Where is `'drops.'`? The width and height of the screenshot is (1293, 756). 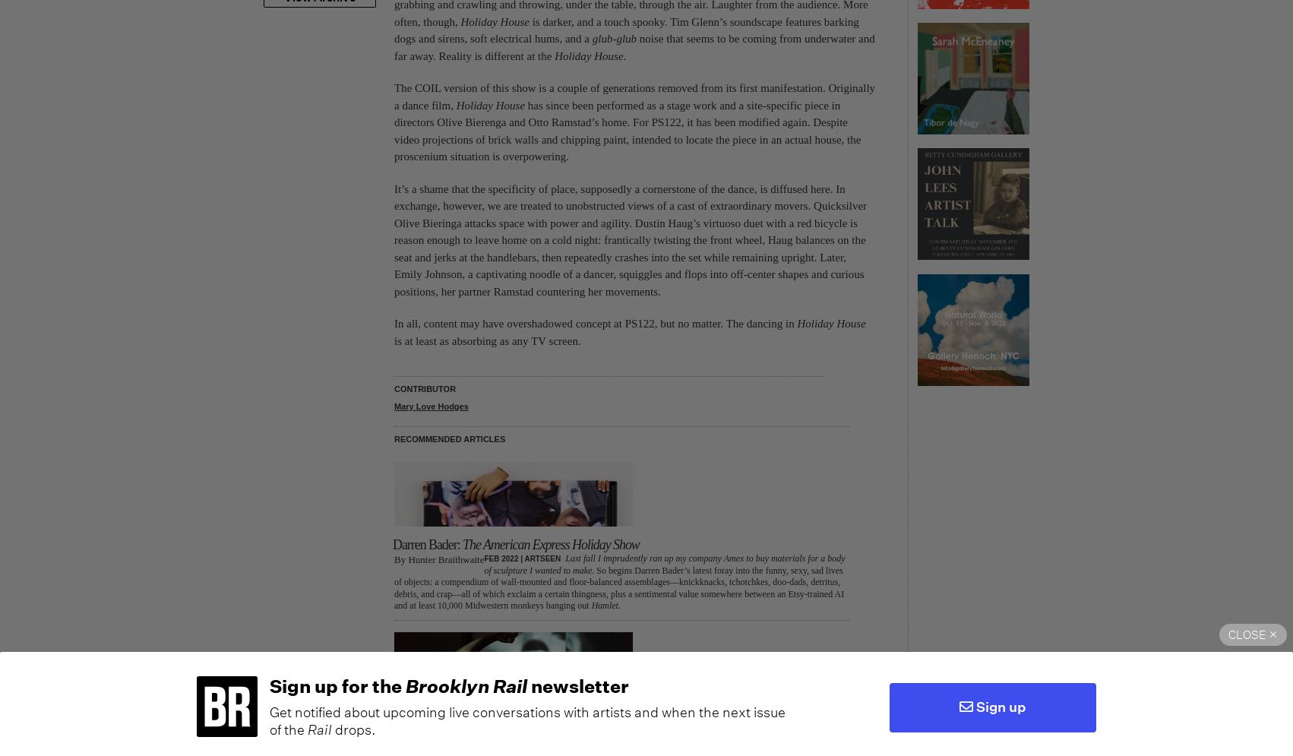 'drops.' is located at coordinates (352, 729).